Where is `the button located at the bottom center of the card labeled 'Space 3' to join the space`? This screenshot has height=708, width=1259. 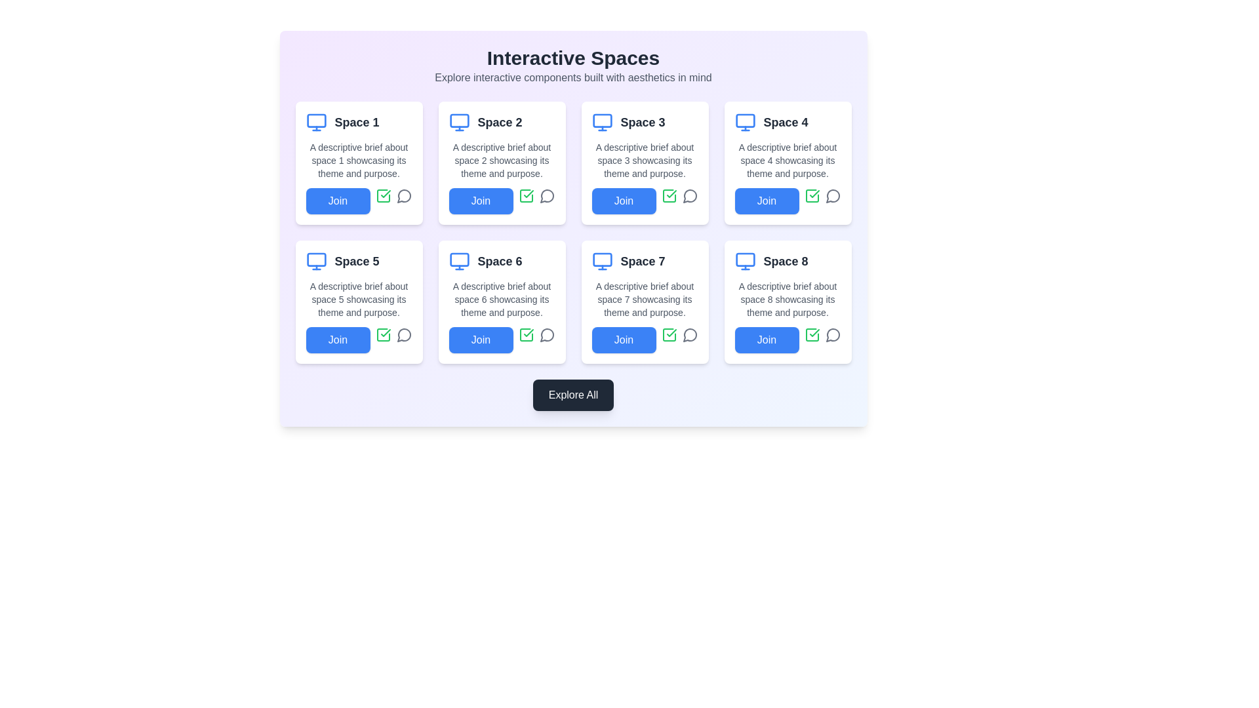 the button located at the bottom center of the card labeled 'Space 3' to join the space is located at coordinates (645, 201).